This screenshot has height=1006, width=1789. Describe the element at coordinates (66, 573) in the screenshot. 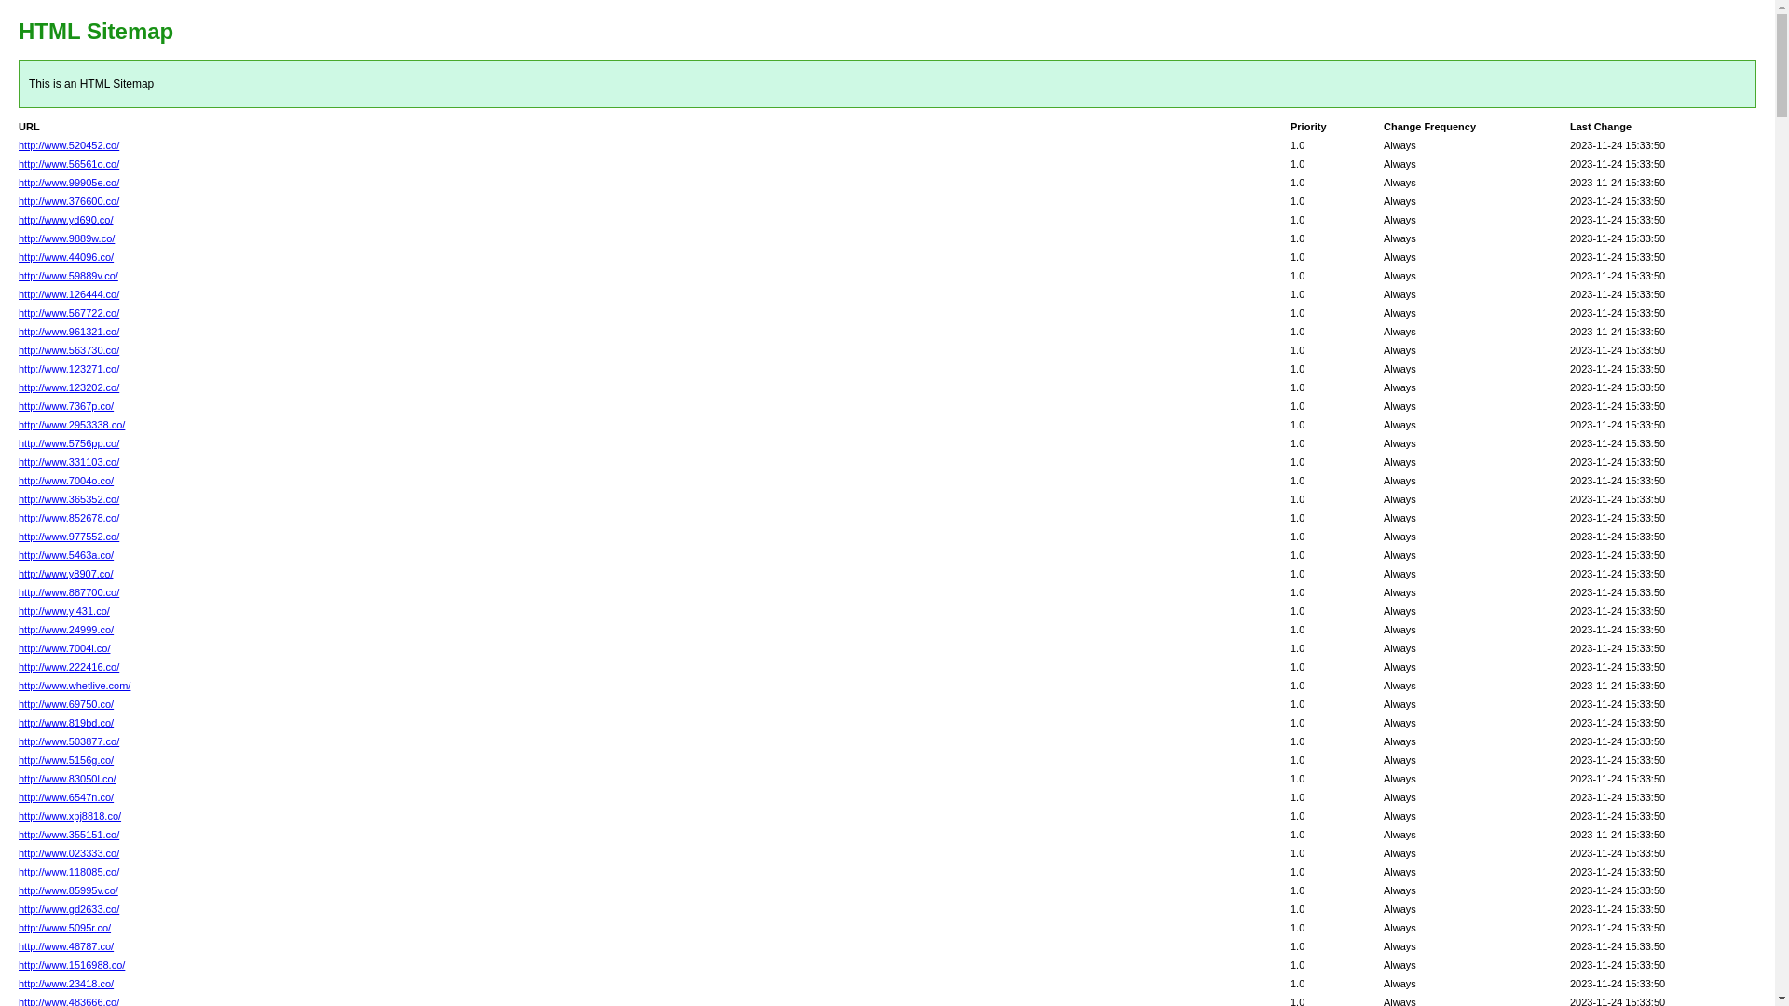

I see `'http://www.y8907.co/'` at that location.